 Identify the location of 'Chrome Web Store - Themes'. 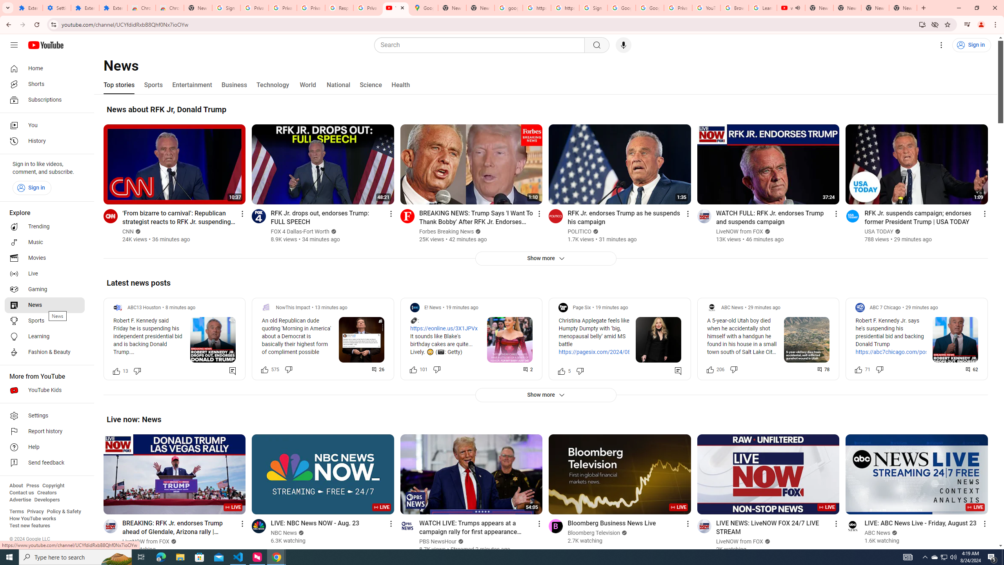
(169, 7).